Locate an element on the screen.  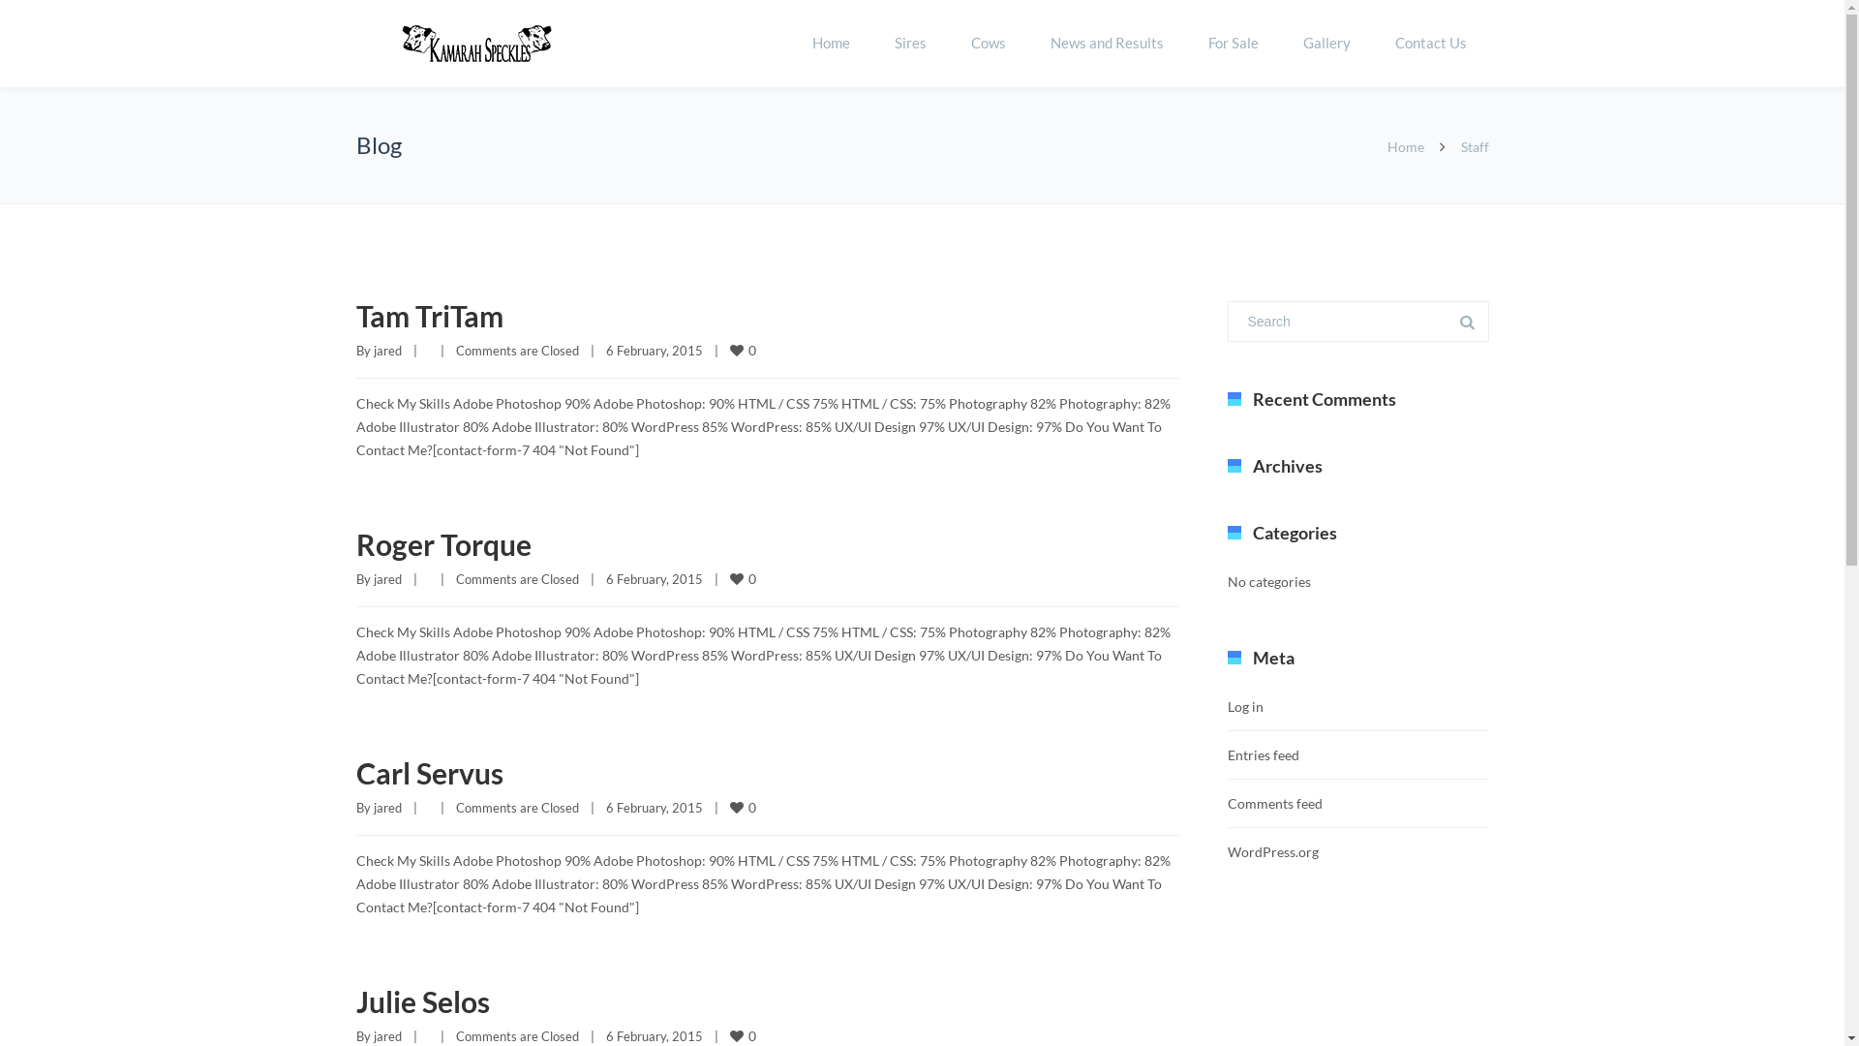
'Sires' is located at coordinates (908, 44).